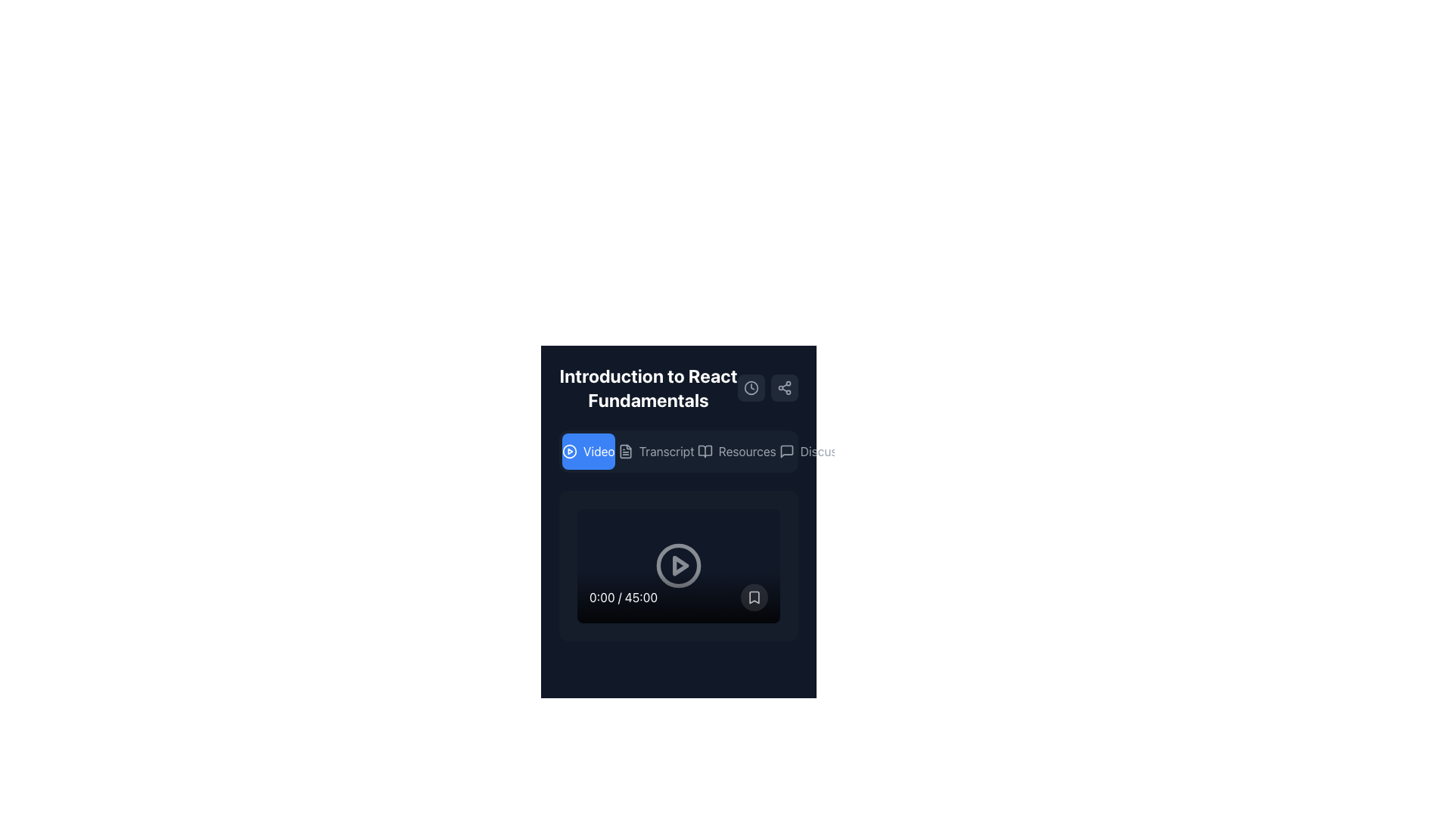  What do you see at coordinates (829, 451) in the screenshot?
I see `the 'Discussion' Text button located in the horizontal navigation bar at the upper section of the dark-themed interface for keyboard navigation` at bounding box center [829, 451].